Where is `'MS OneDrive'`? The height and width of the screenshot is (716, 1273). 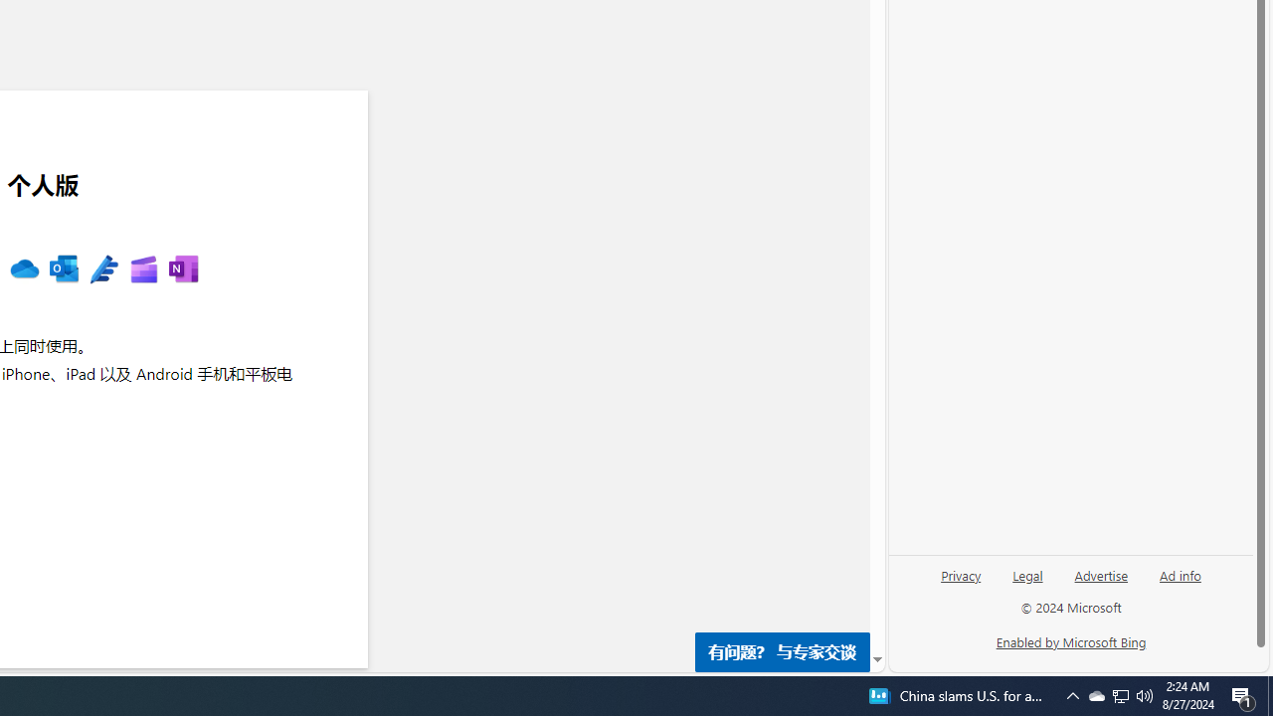 'MS OneDrive' is located at coordinates (24, 269).